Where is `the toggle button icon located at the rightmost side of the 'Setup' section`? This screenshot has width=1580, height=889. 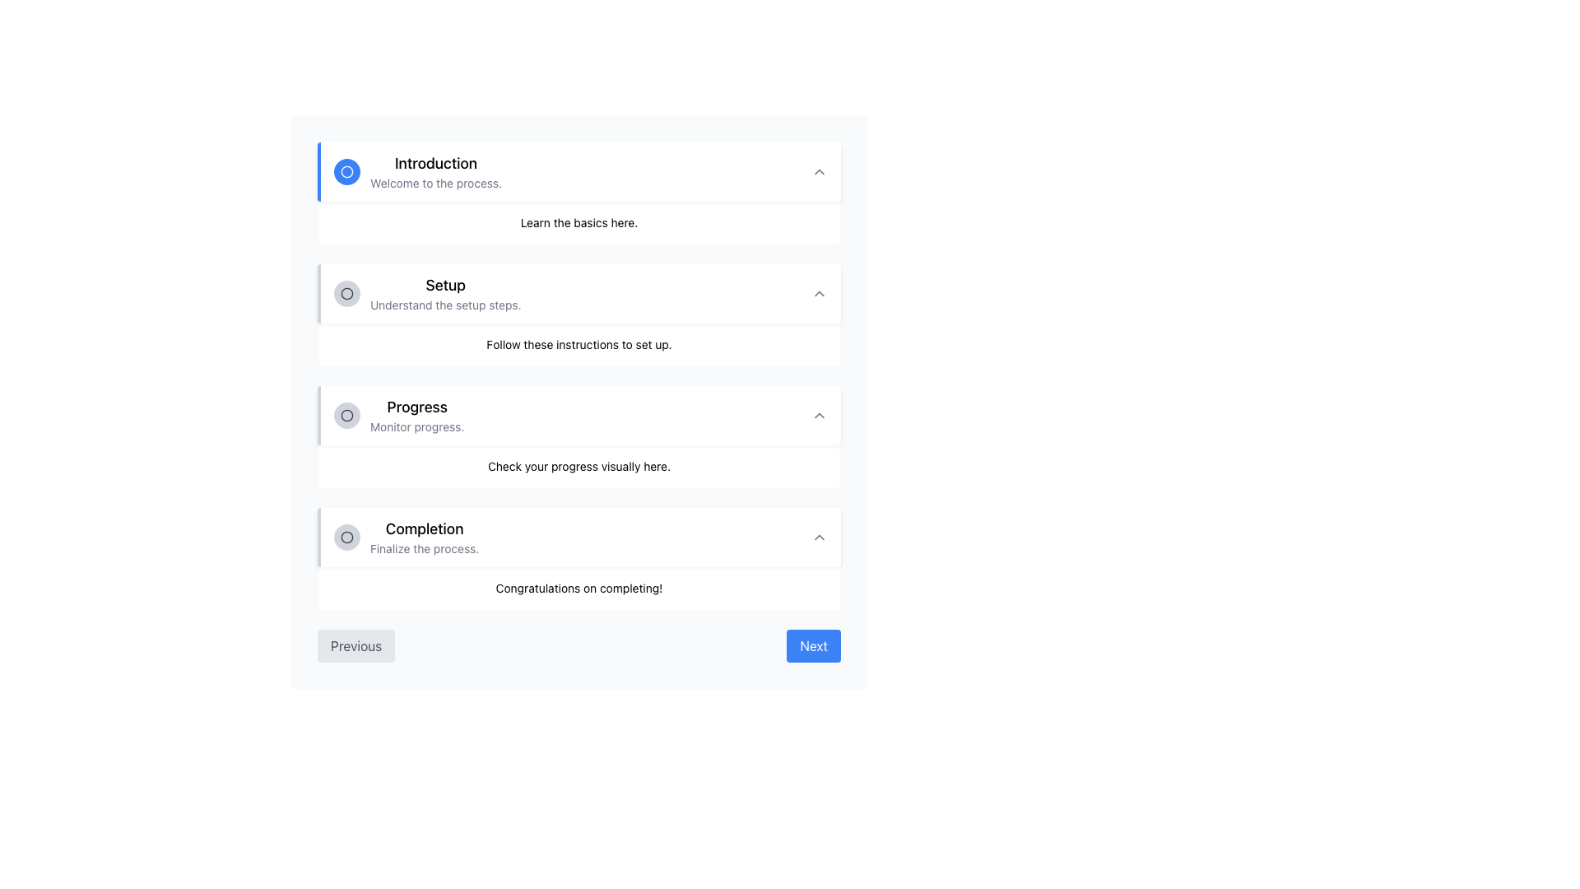 the toggle button icon located at the rightmost side of the 'Setup' section is located at coordinates (820, 293).